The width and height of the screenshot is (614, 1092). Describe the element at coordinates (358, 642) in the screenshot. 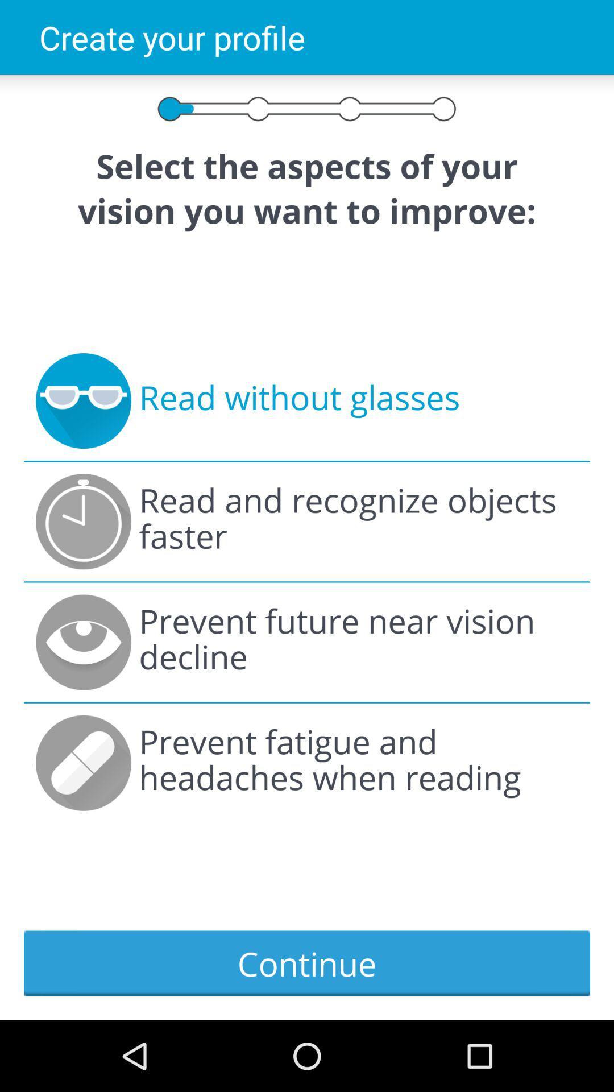

I see `the prevent future near` at that location.